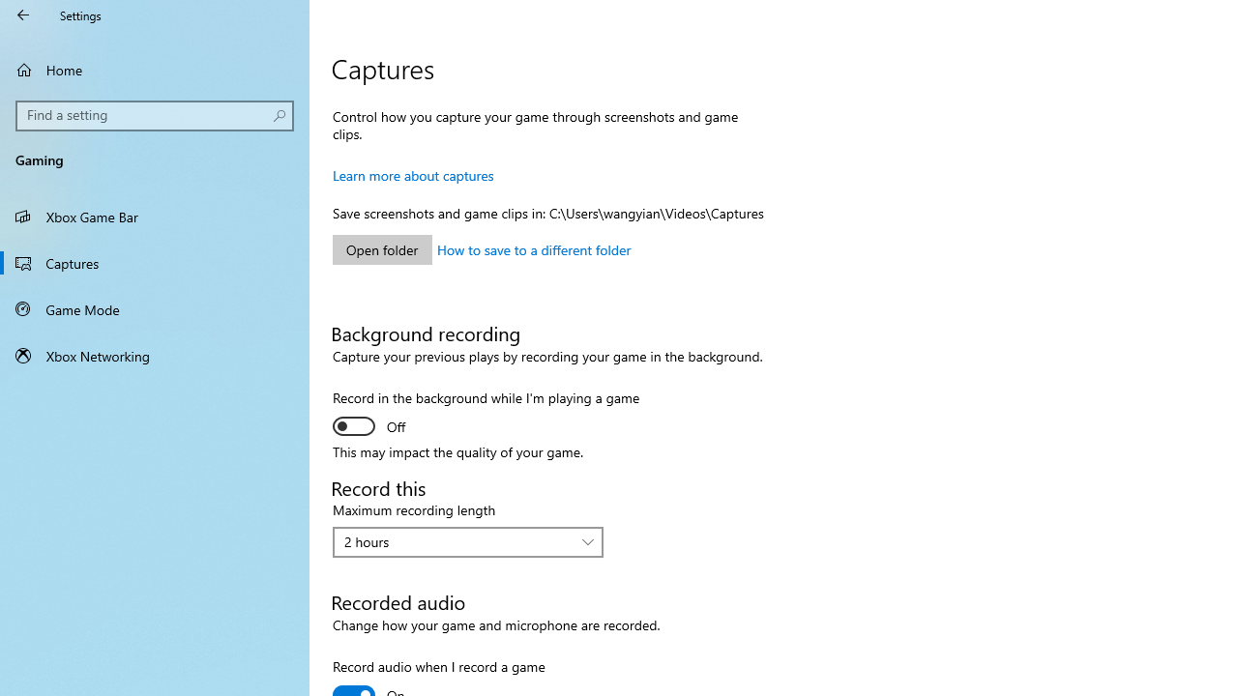 Image resolution: width=1238 pixels, height=696 pixels. What do you see at coordinates (534, 248) in the screenshot?
I see `'How to save to a different folder'` at bounding box center [534, 248].